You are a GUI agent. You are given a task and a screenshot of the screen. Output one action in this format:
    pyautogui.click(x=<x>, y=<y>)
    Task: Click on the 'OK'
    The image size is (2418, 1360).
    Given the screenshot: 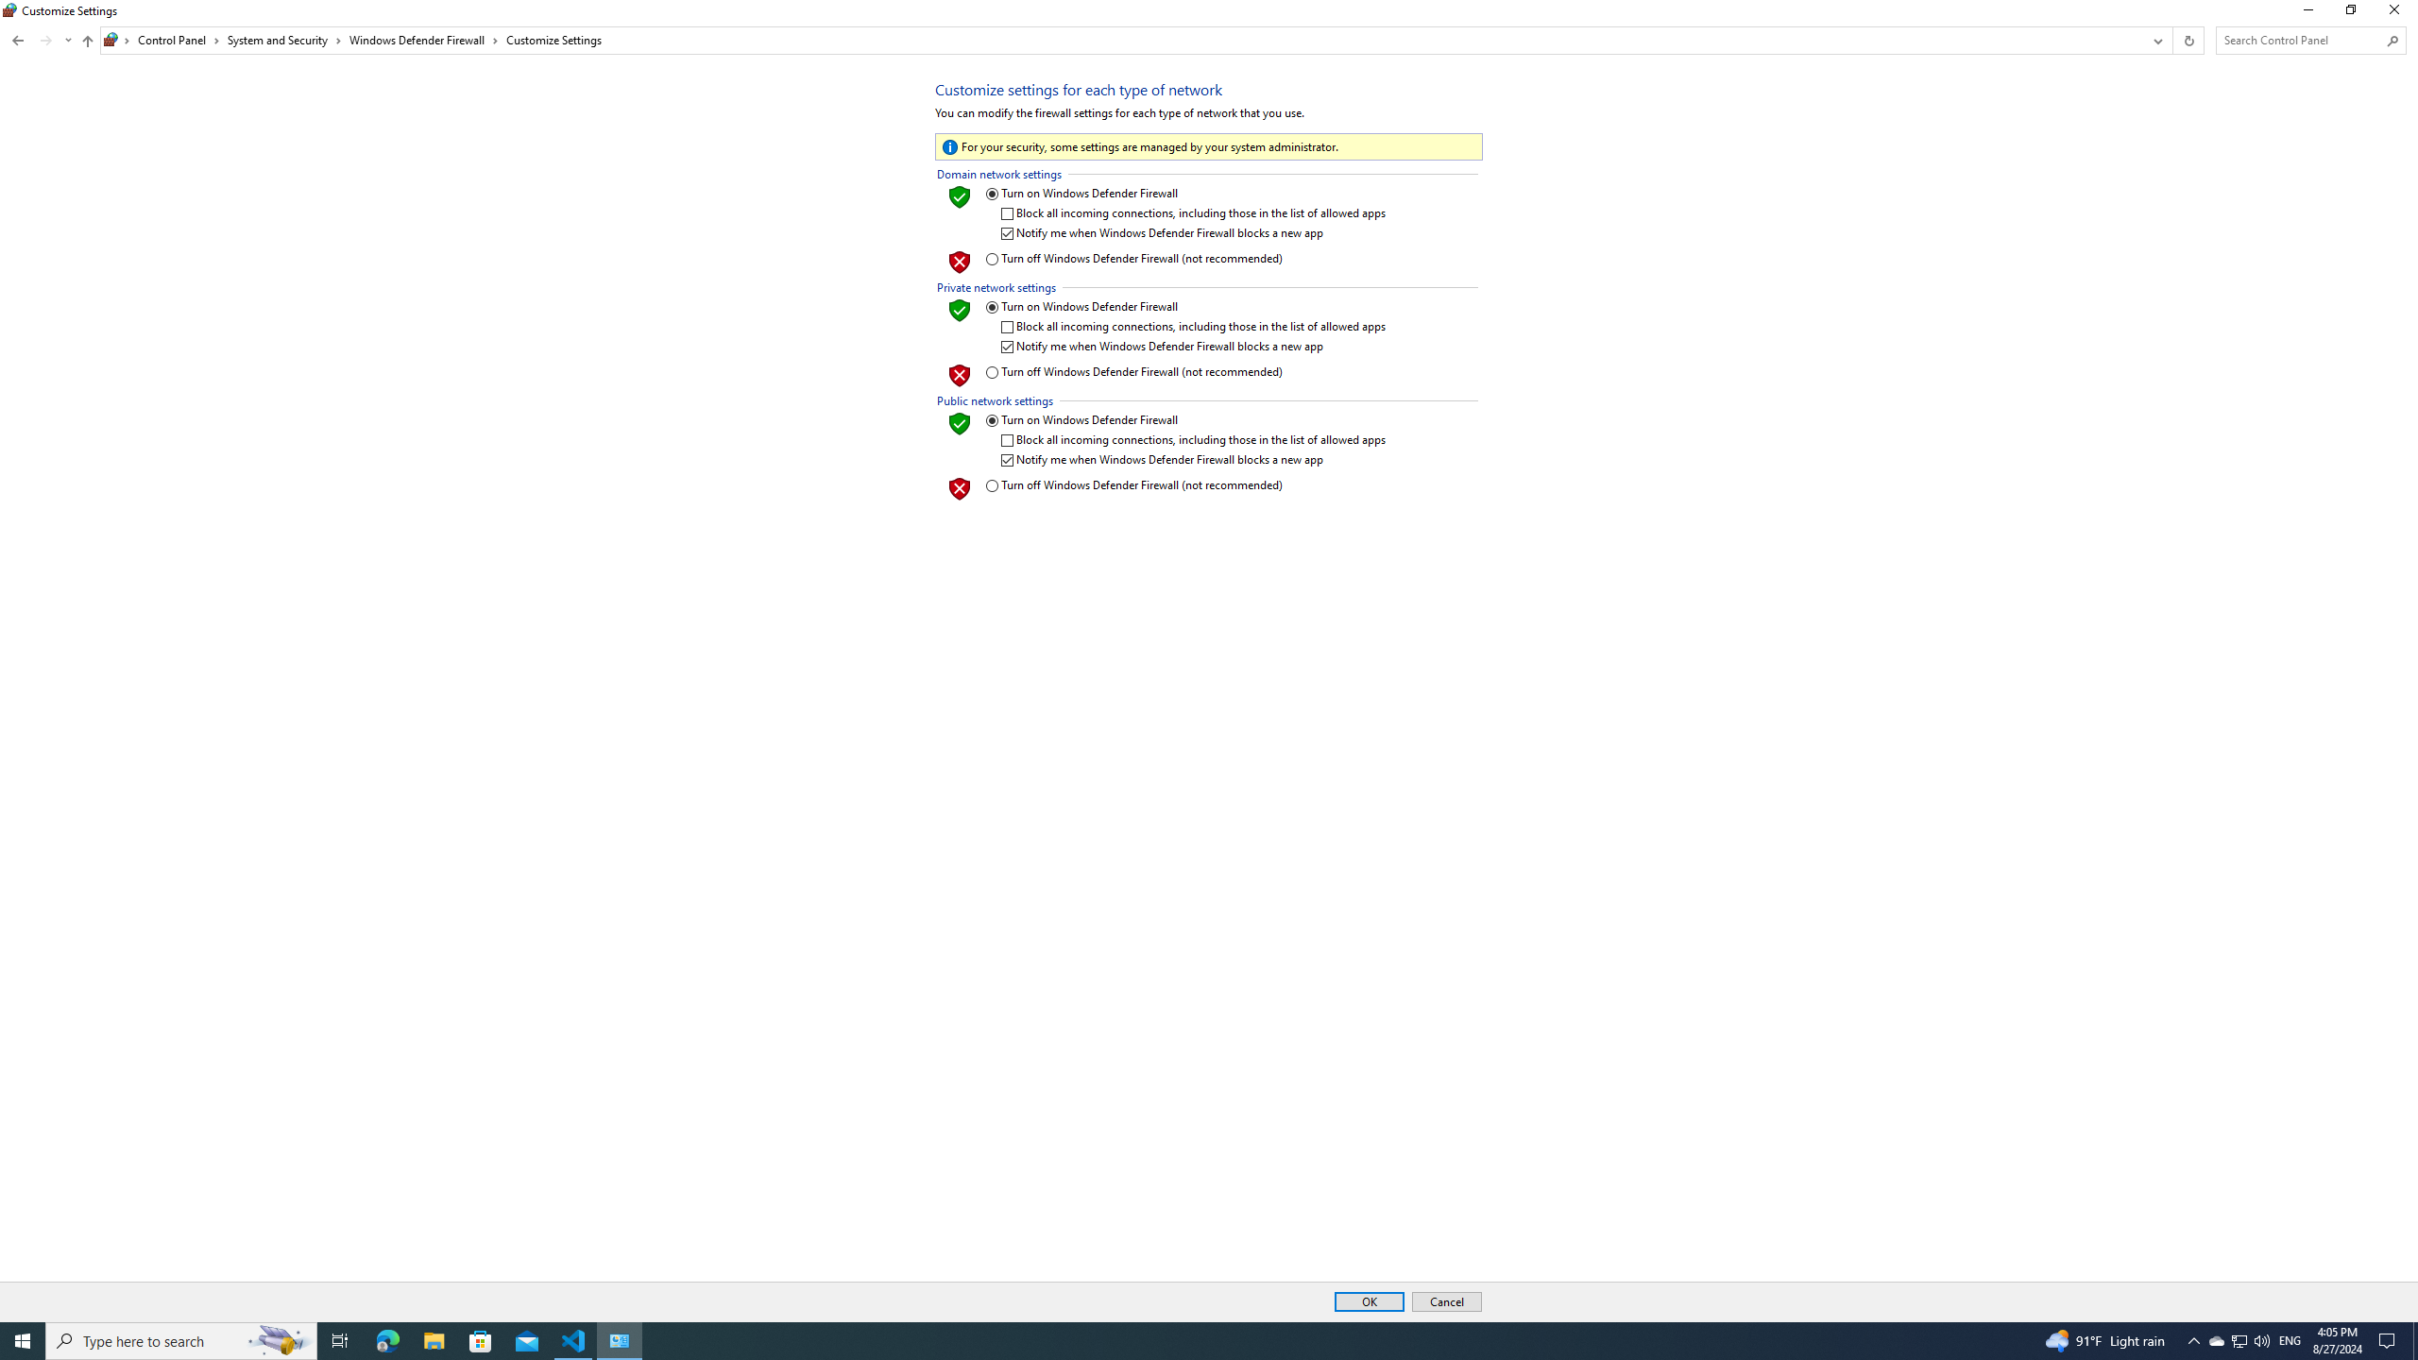 What is the action you would take?
    pyautogui.click(x=1370, y=1301)
    